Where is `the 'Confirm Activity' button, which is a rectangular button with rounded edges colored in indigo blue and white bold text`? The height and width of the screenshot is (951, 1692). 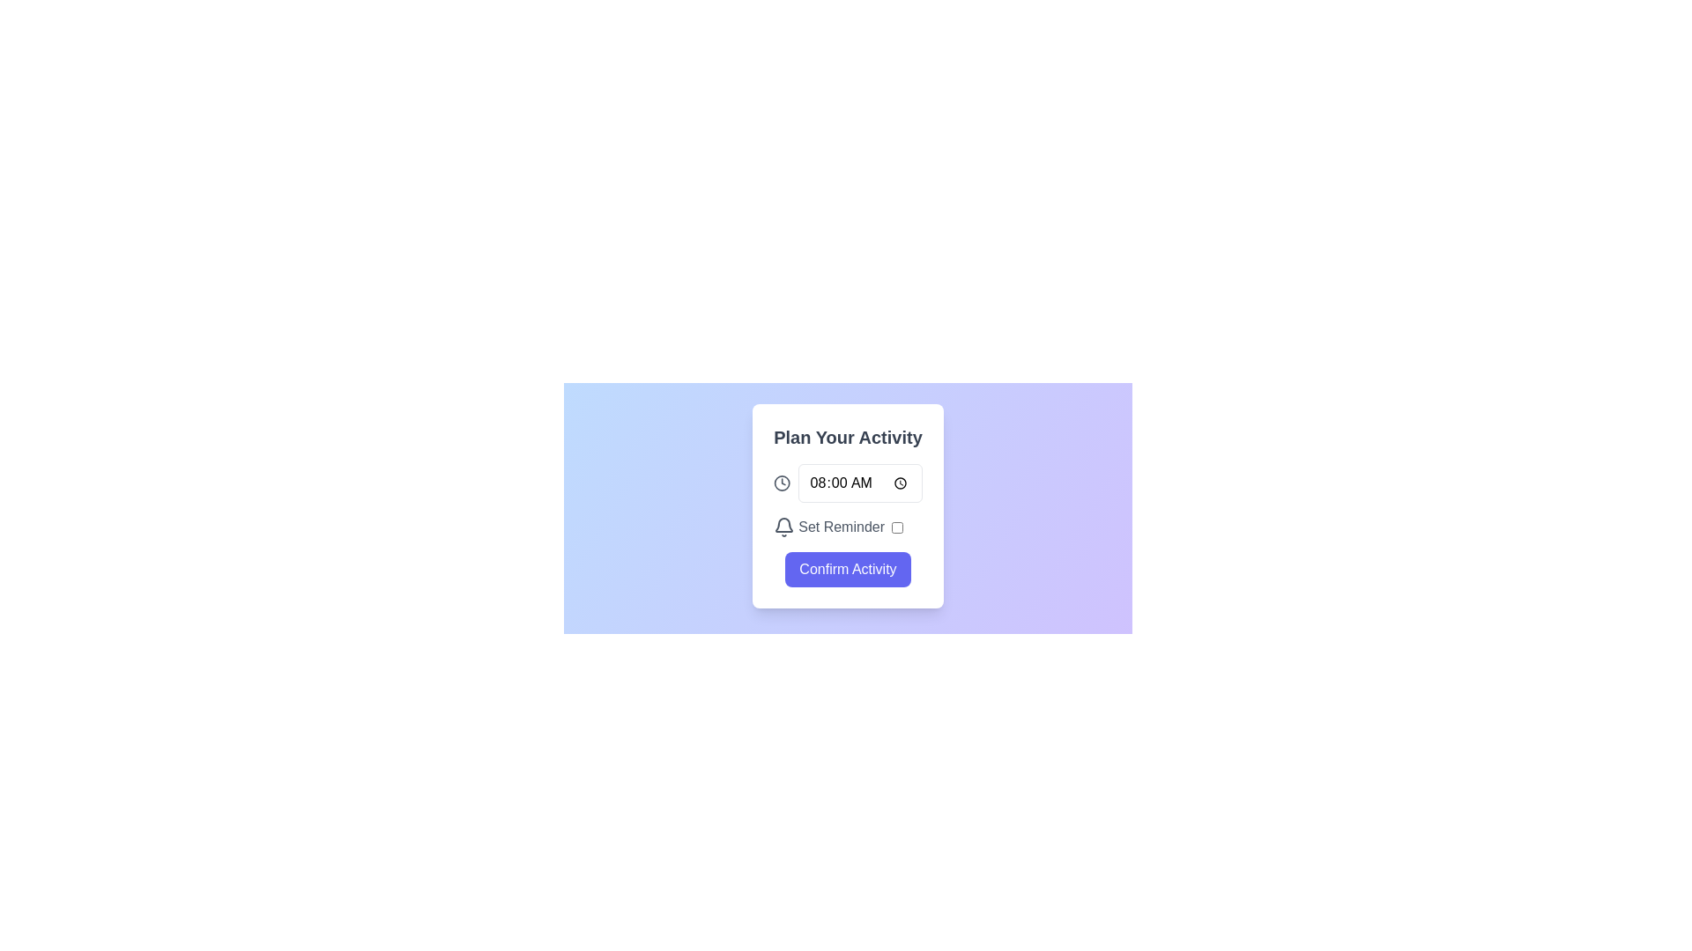
the 'Confirm Activity' button, which is a rectangular button with rounded edges colored in indigo blue and white bold text is located at coordinates (848, 570).